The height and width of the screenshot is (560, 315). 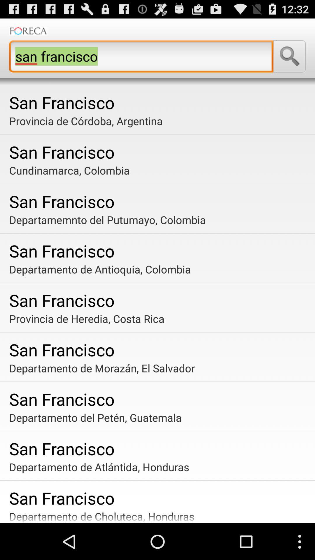 What do you see at coordinates (160, 219) in the screenshot?
I see `icon above the san francisco icon` at bounding box center [160, 219].